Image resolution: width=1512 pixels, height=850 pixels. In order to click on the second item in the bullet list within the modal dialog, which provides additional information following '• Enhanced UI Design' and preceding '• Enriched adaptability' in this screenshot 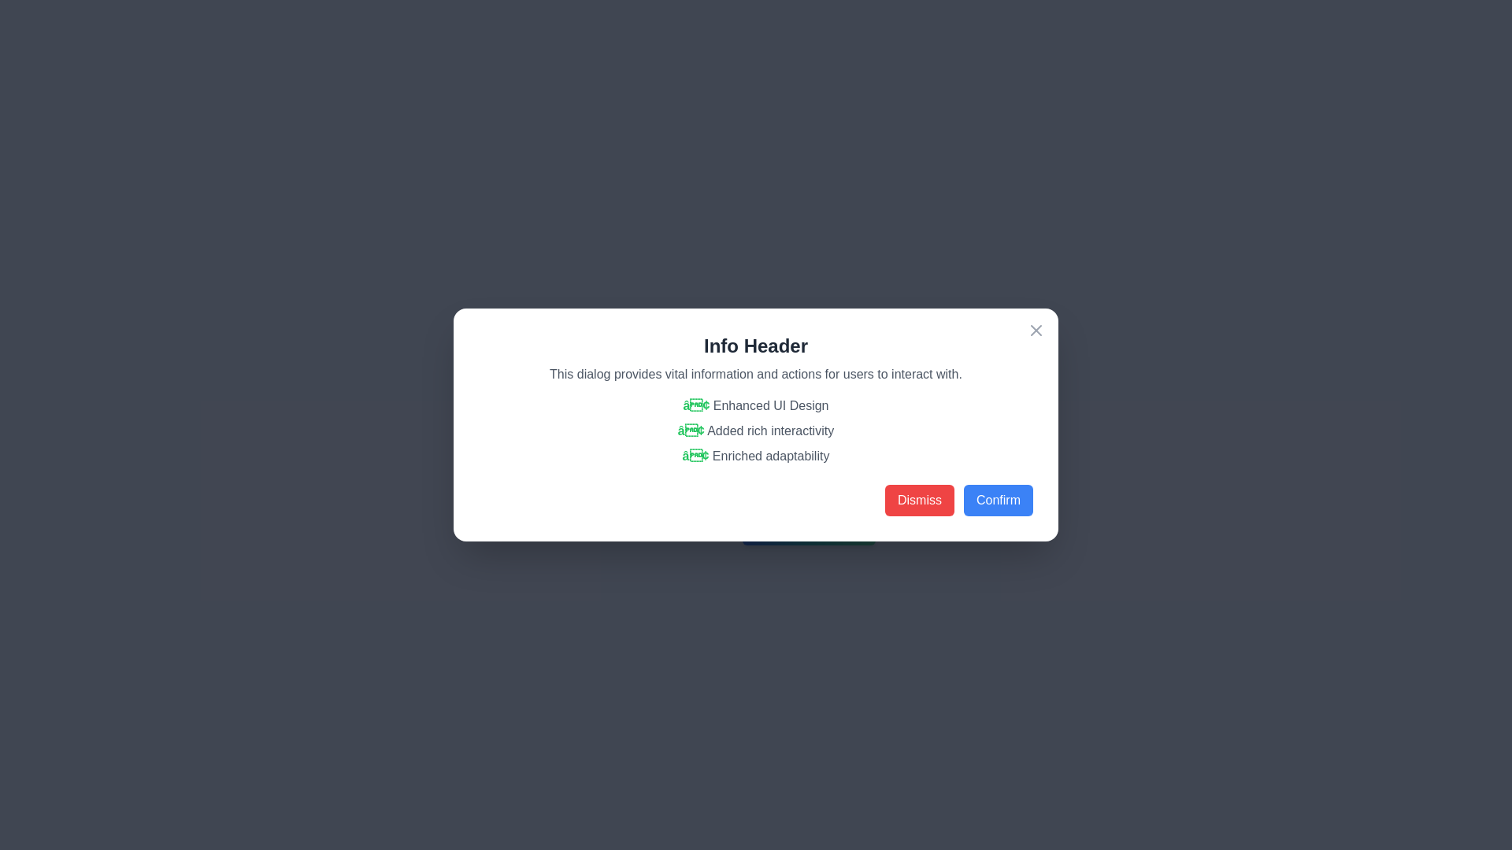, I will do `click(756, 425)`.